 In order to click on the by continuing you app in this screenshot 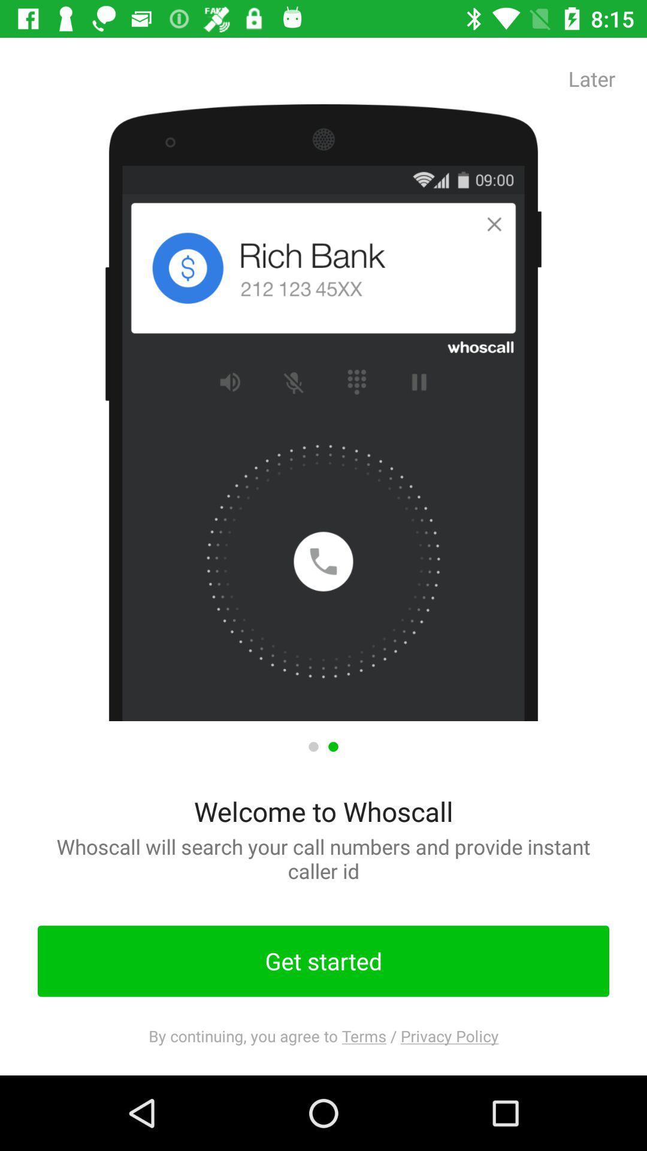, I will do `click(323, 1035)`.